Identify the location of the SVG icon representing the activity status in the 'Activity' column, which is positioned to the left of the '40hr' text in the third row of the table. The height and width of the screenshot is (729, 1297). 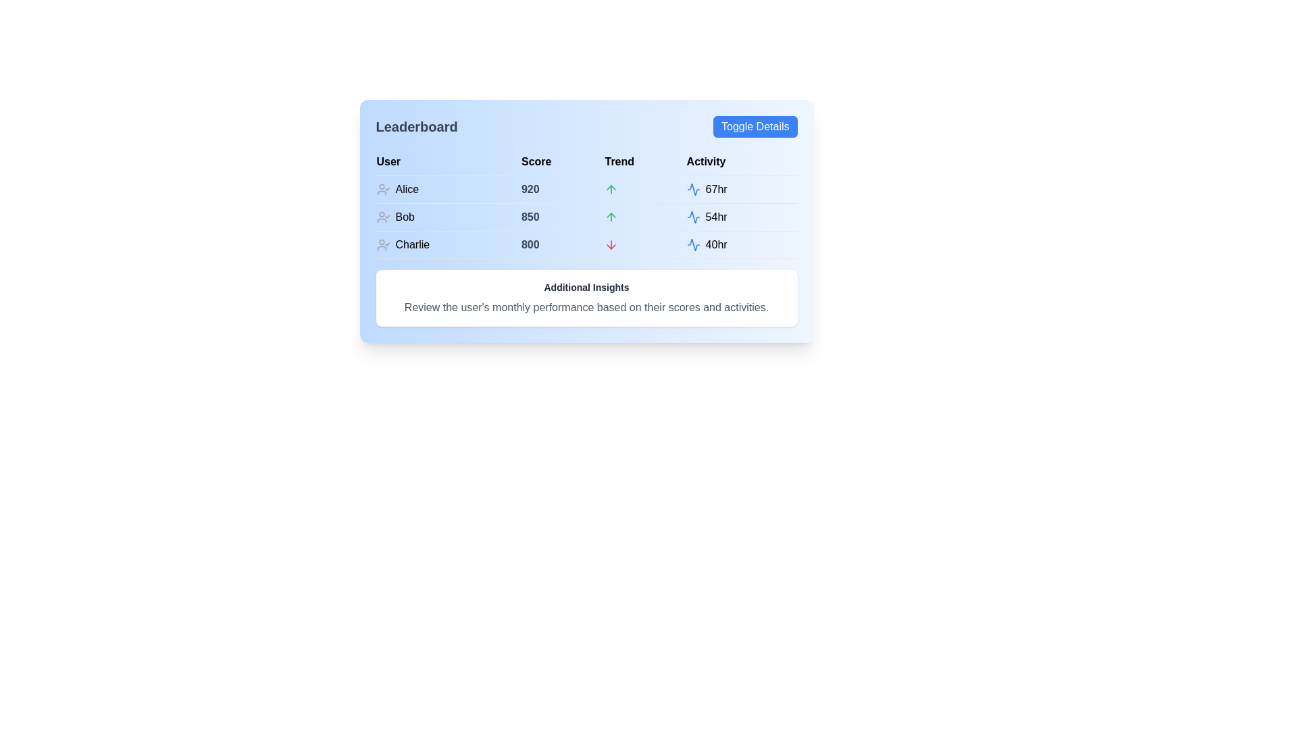
(693, 244).